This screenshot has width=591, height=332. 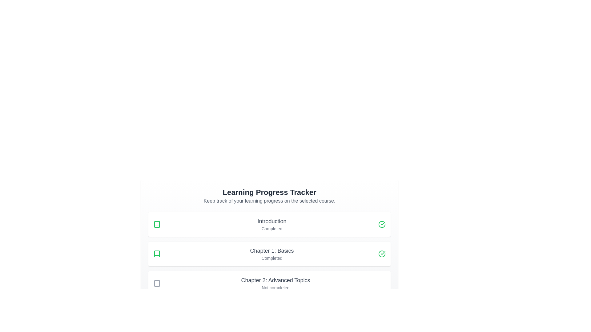 I want to click on the first Card in the Learning Progress Tracker, which has a white background, a green book icon, the text 'Introduction' in gray, and a green checkmark icon on the right, so click(x=269, y=224).